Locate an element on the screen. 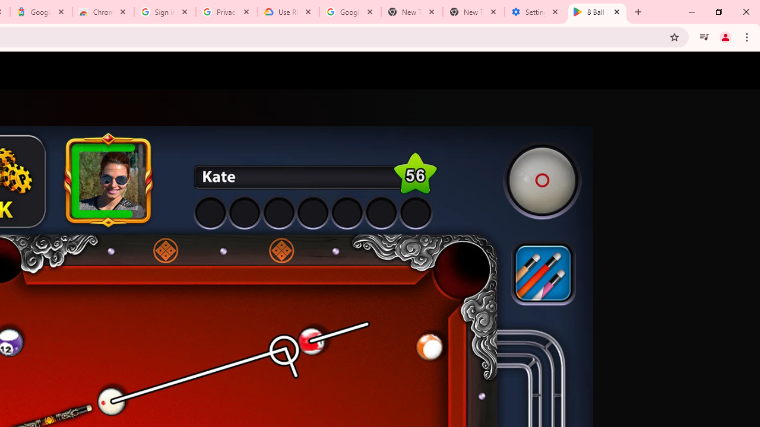 This screenshot has height=427, width=760. 'Settings - System' is located at coordinates (534, 12).